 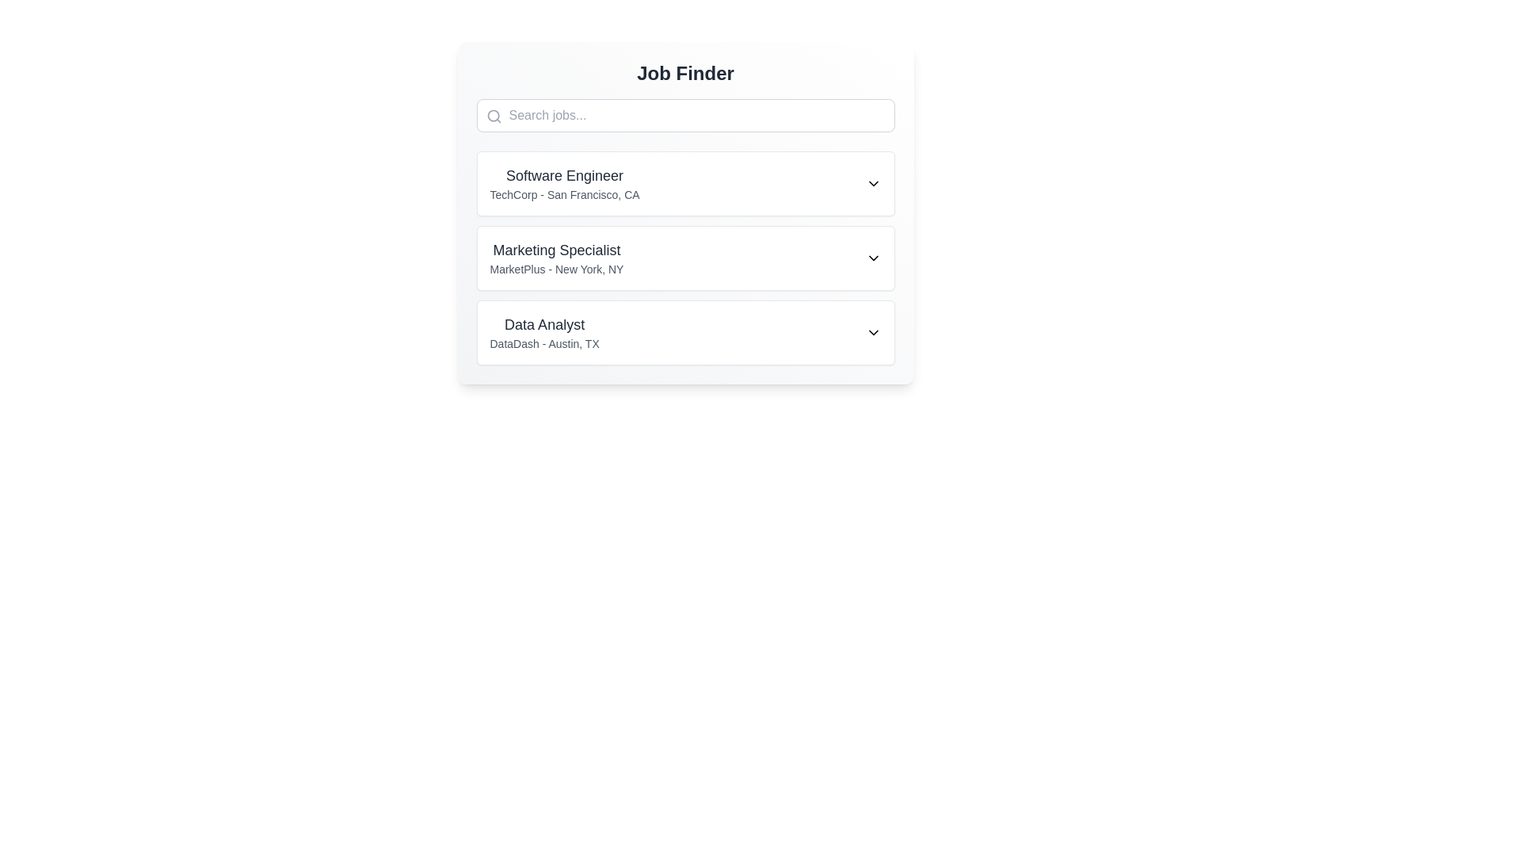 I want to click on the text display element that shows 'MarketPlus - New York, NY', which is styled in a smaller, lighter font and located below the title 'Marketing Specialist', so click(x=556, y=268).